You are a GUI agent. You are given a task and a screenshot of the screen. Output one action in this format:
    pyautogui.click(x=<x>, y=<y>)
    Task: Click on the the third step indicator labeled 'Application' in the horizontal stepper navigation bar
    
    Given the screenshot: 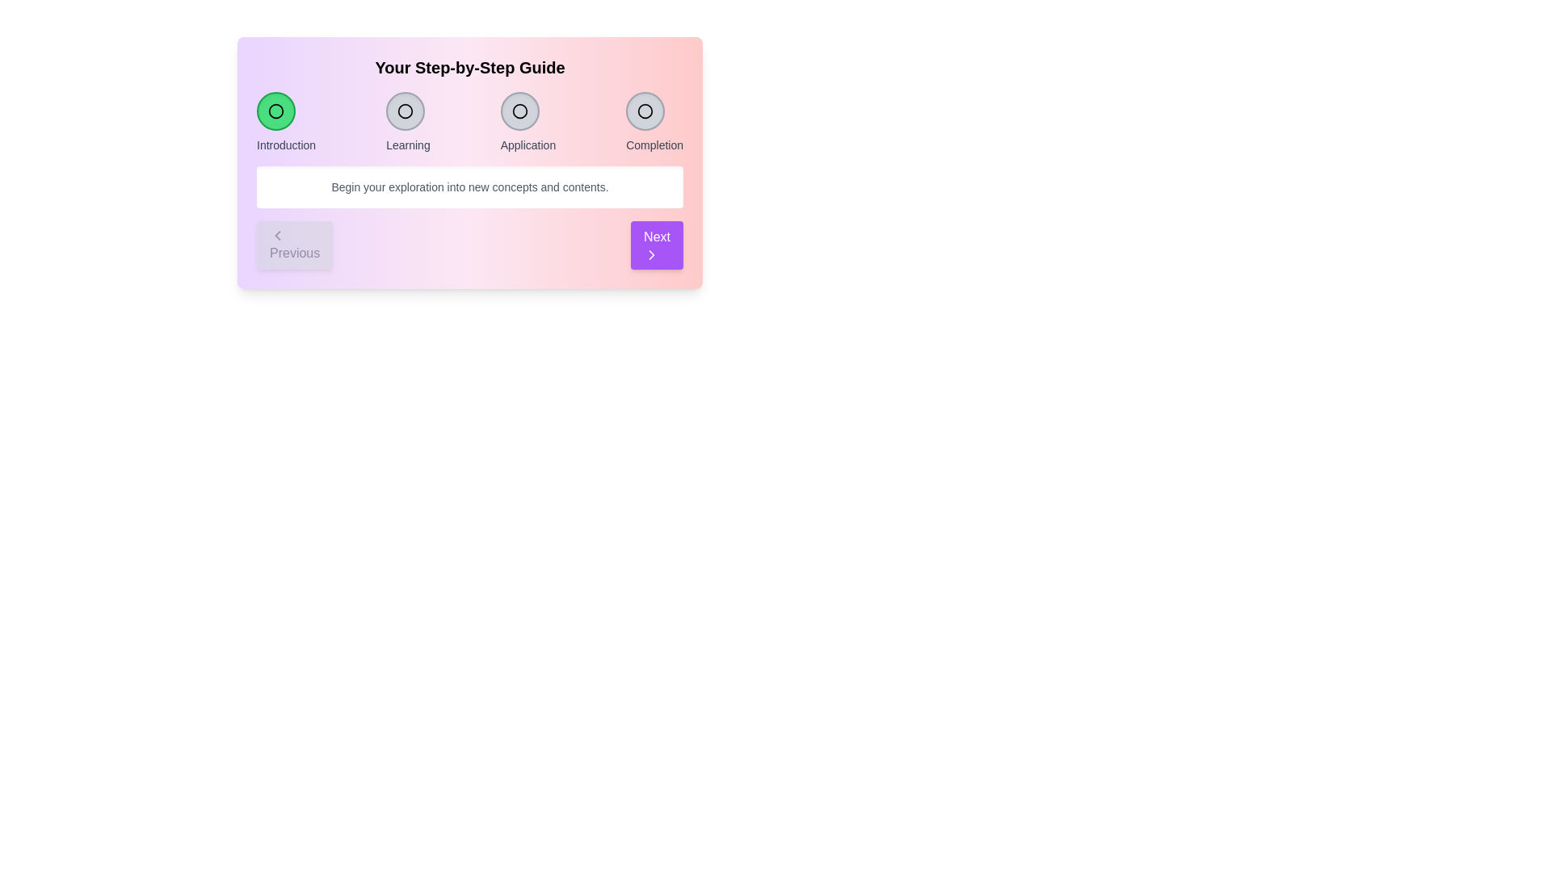 What is the action you would take?
    pyautogui.click(x=528, y=121)
    